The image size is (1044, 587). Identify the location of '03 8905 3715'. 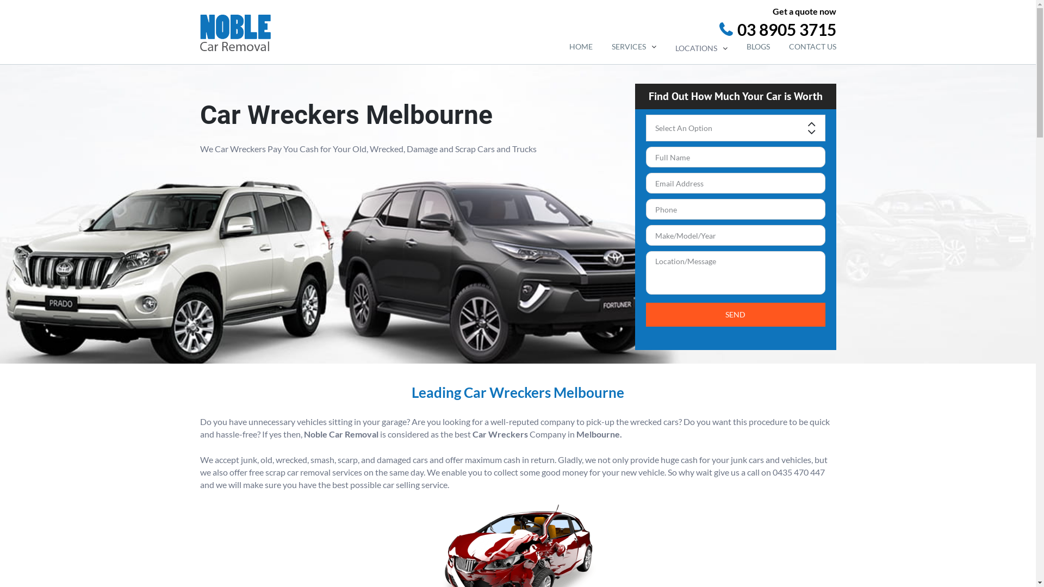
(693, 29).